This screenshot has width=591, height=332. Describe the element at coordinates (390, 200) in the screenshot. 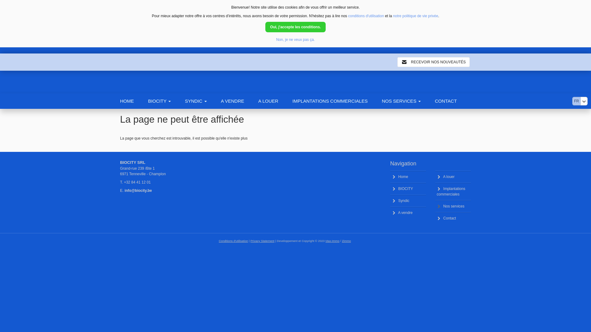

I see `'Syndic'` at that location.